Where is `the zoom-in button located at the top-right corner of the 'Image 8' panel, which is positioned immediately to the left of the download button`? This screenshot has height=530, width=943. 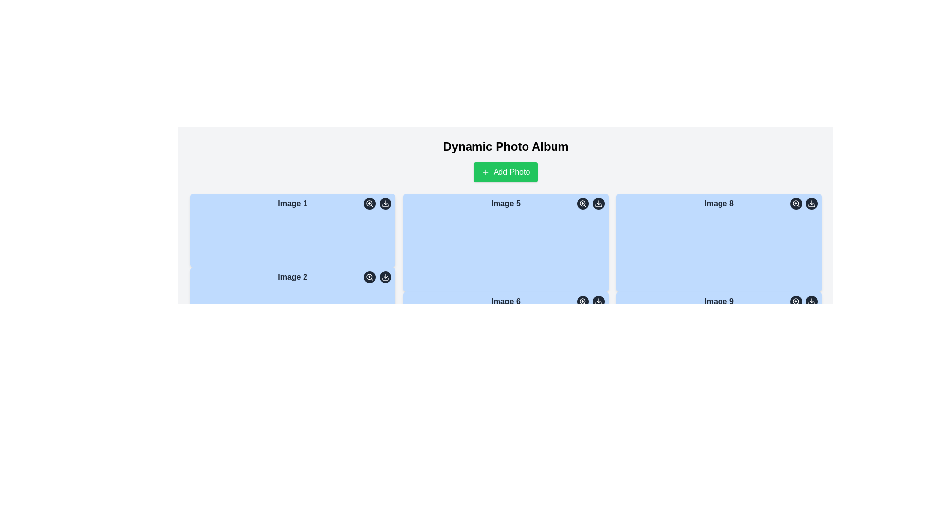
the zoom-in button located at the top-right corner of the 'Image 8' panel, which is positioned immediately to the left of the download button is located at coordinates (796, 203).